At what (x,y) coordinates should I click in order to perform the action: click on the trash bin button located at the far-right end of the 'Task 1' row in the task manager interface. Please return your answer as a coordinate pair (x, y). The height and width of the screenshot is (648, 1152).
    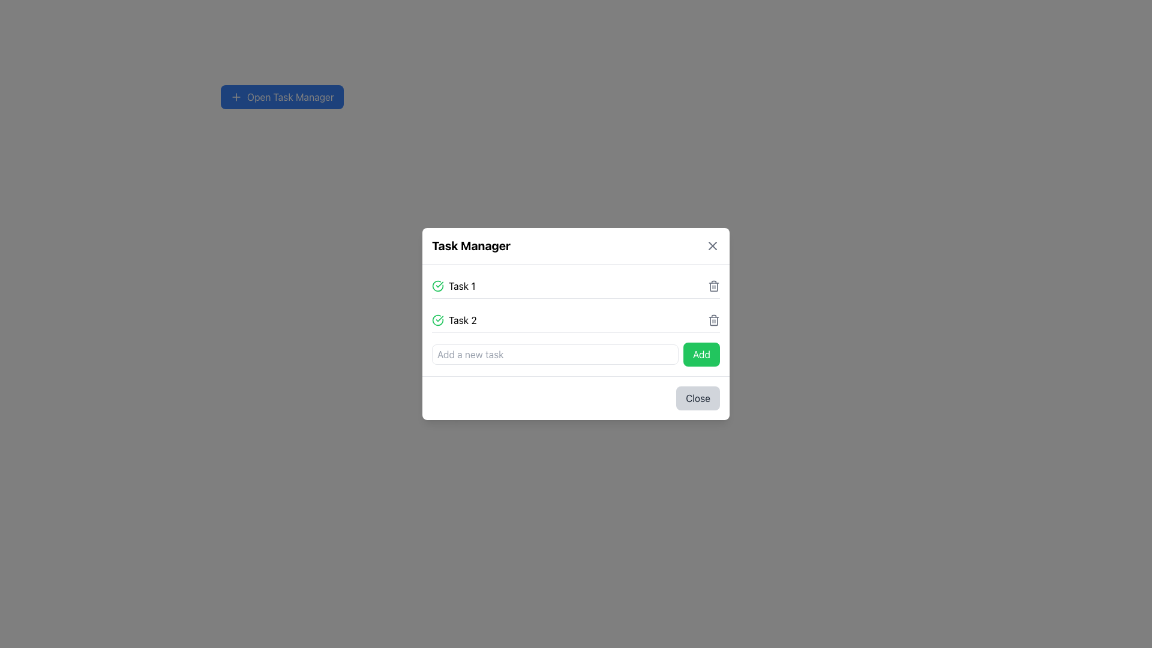
    Looking at the image, I should click on (714, 286).